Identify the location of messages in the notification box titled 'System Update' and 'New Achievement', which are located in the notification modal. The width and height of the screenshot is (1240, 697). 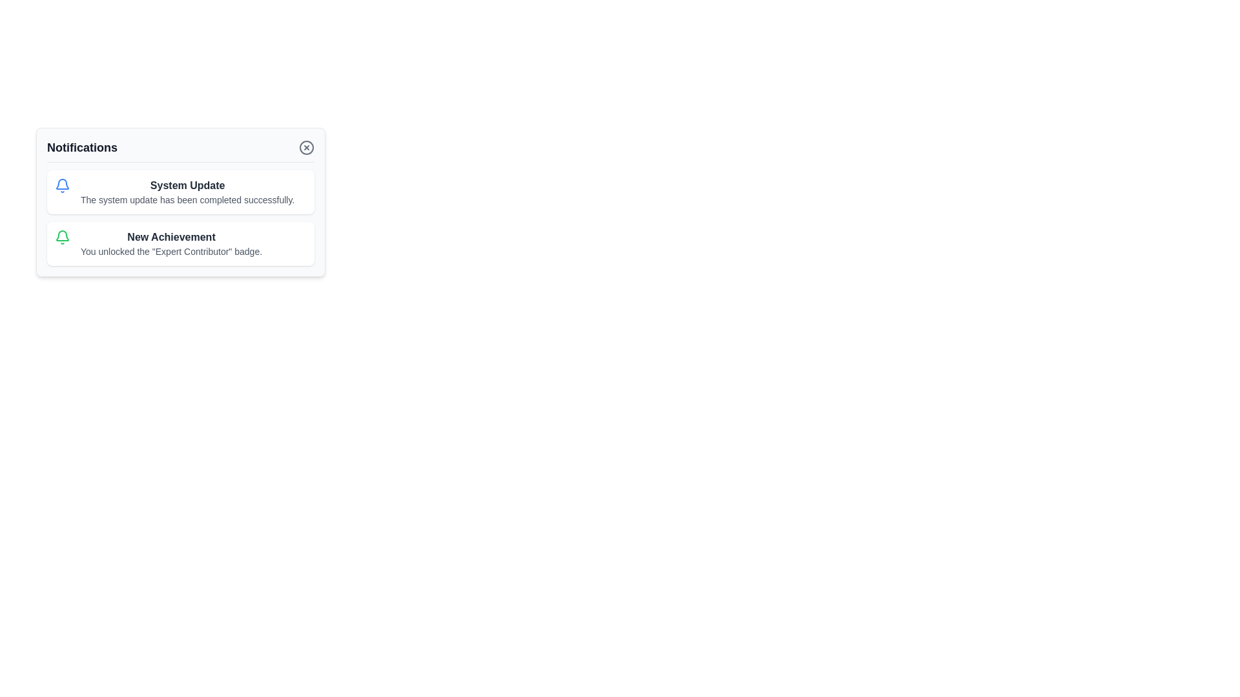
(180, 217).